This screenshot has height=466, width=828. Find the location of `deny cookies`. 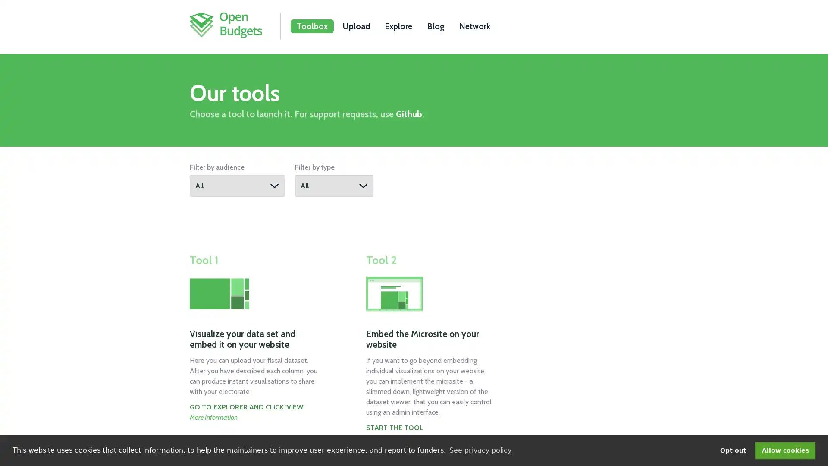

deny cookies is located at coordinates (732, 450).